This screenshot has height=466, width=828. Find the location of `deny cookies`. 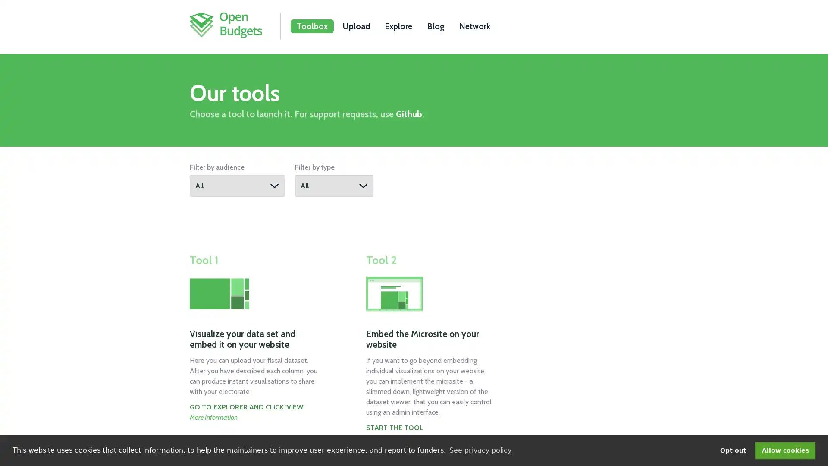

deny cookies is located at coordinates (732, 450).